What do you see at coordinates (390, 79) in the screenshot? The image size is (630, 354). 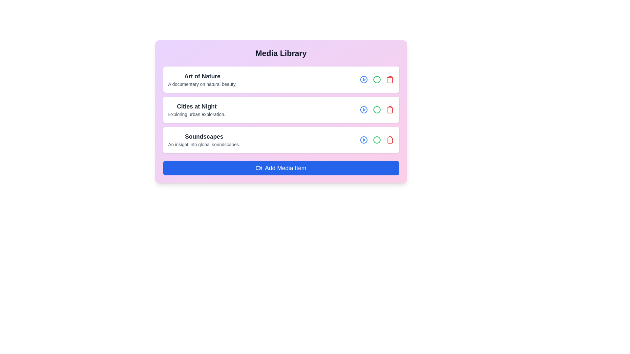 I see `trash icon for the media item titled Art of Nature to remove it` at bounding box center [390, 79].